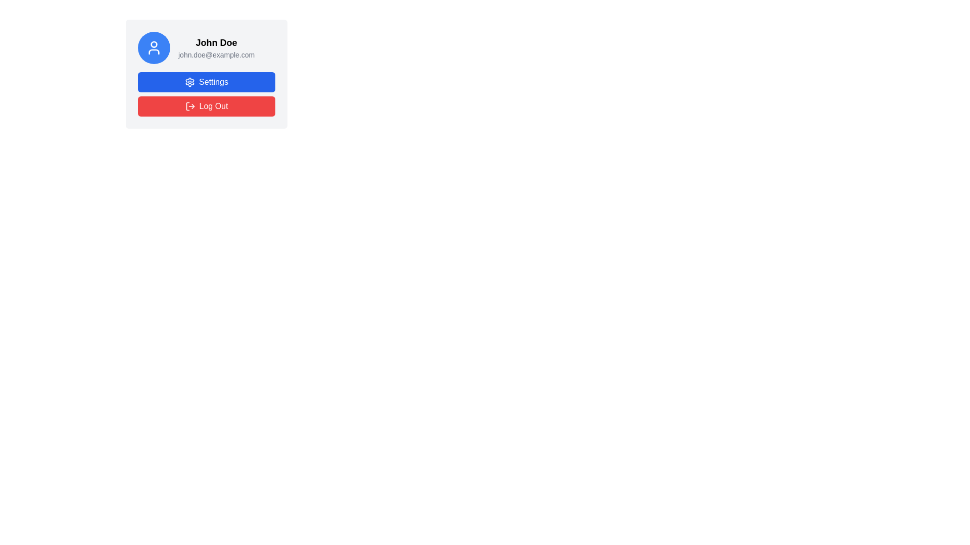 The height and width of the screenshot is (545, 970). What do you see at coordinates (154, 48) in the screenshot?
I see `the blue circular avatar with a white outline of a person icon located in the upper left corner of the user's profile card to observe possible effects` at bounding box center [154, 48].